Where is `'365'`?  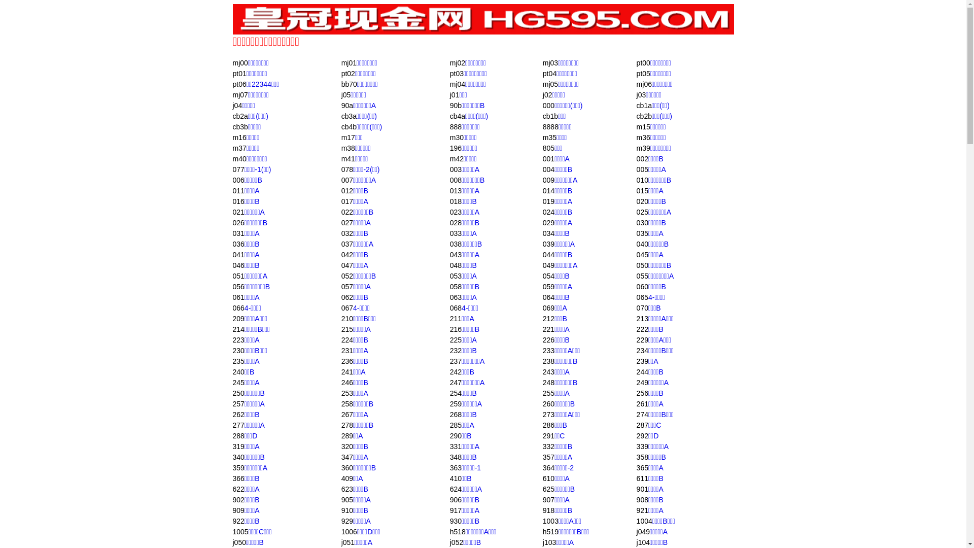
'365' is located at coordinates (642, 467).